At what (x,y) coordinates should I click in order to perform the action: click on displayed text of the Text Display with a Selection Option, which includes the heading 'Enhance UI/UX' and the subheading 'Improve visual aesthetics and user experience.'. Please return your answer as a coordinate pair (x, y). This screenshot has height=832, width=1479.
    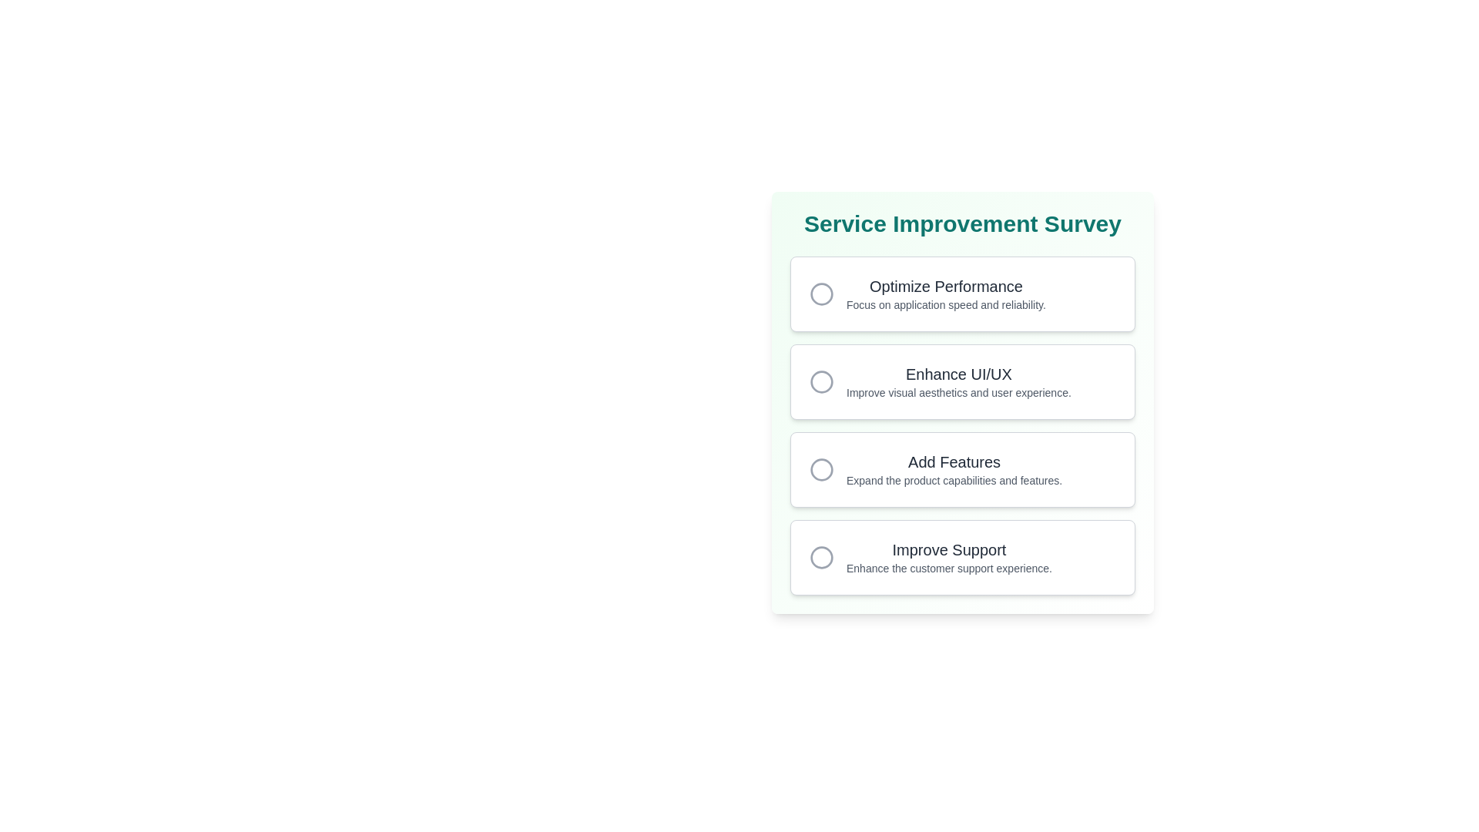
    Looking at the image, I should click on (957, 381).